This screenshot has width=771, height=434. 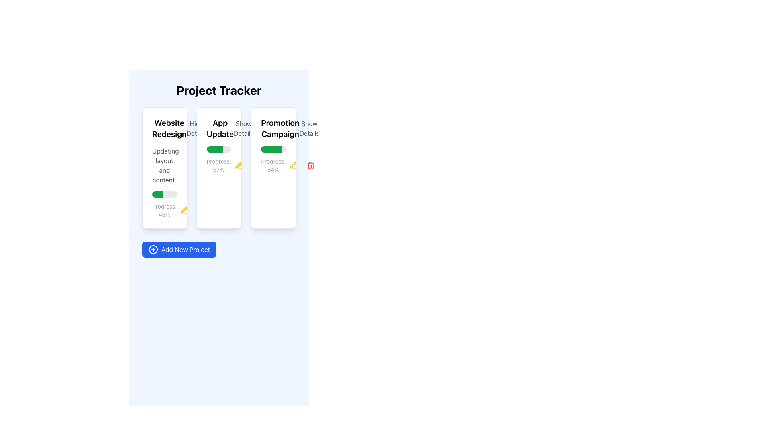 What do you see at coordinates (157, 194) in the screenshot?
I see `changes in the green progress bar representing 45% completion within the gray background bar in the 'Website Redesign' card` at bounding box center [157, 194].